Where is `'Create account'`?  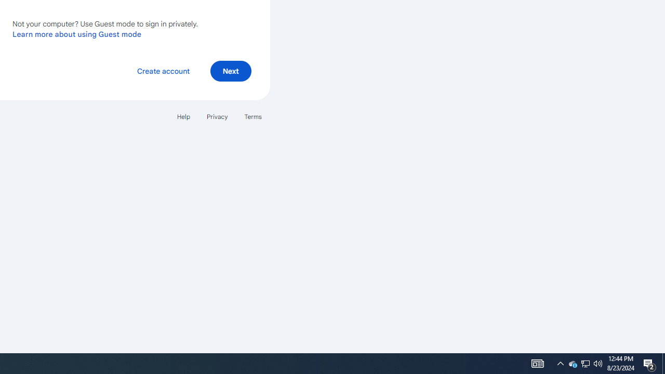
'Create account' is located at coordinates (163, 70).